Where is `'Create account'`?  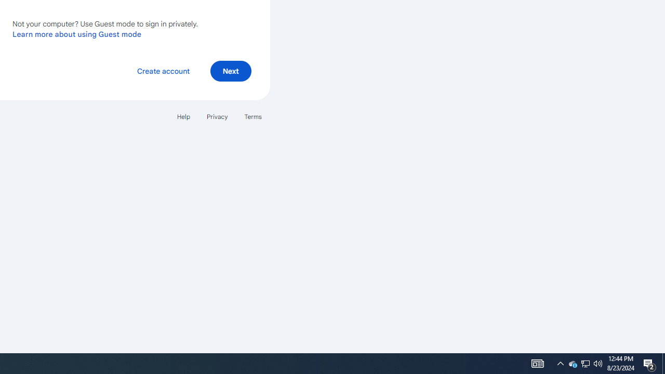
'Create account' is located at coordinates (163, 70).